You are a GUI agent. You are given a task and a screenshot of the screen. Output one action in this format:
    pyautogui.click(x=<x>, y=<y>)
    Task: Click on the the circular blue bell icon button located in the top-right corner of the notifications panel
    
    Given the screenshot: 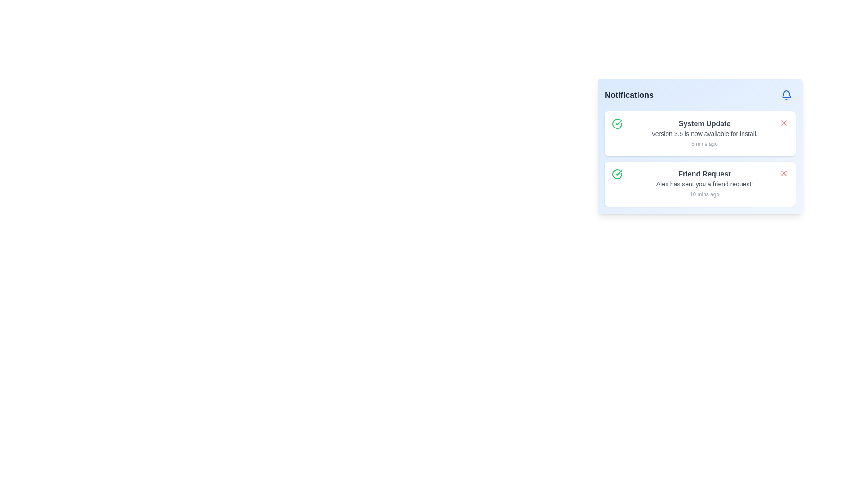 What is the action you would take?
    pyautogui.click(x=786, y=95)
    